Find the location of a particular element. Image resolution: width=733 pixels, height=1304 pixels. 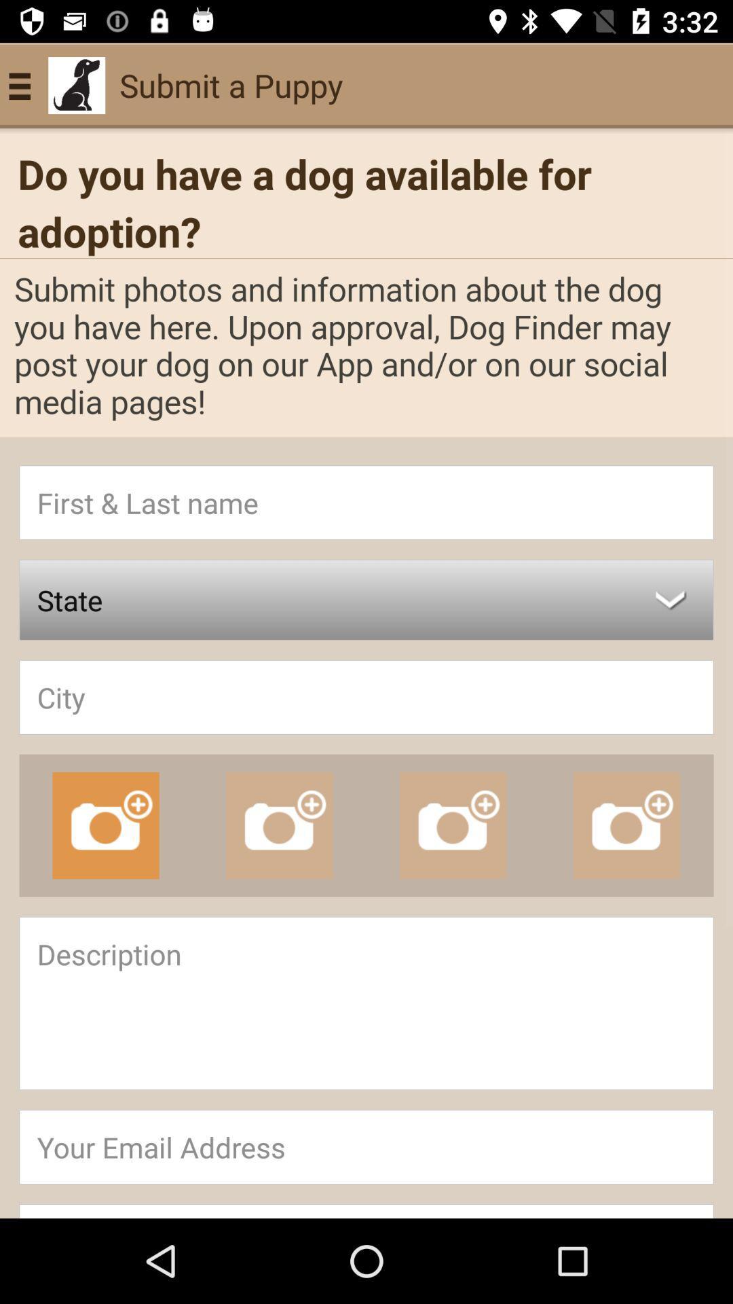

the photo icon is located at coordinates (453, 825).